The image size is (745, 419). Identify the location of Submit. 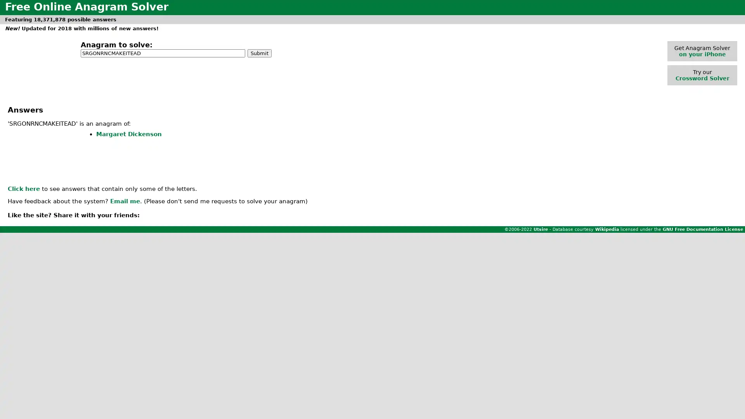
(259, 52).